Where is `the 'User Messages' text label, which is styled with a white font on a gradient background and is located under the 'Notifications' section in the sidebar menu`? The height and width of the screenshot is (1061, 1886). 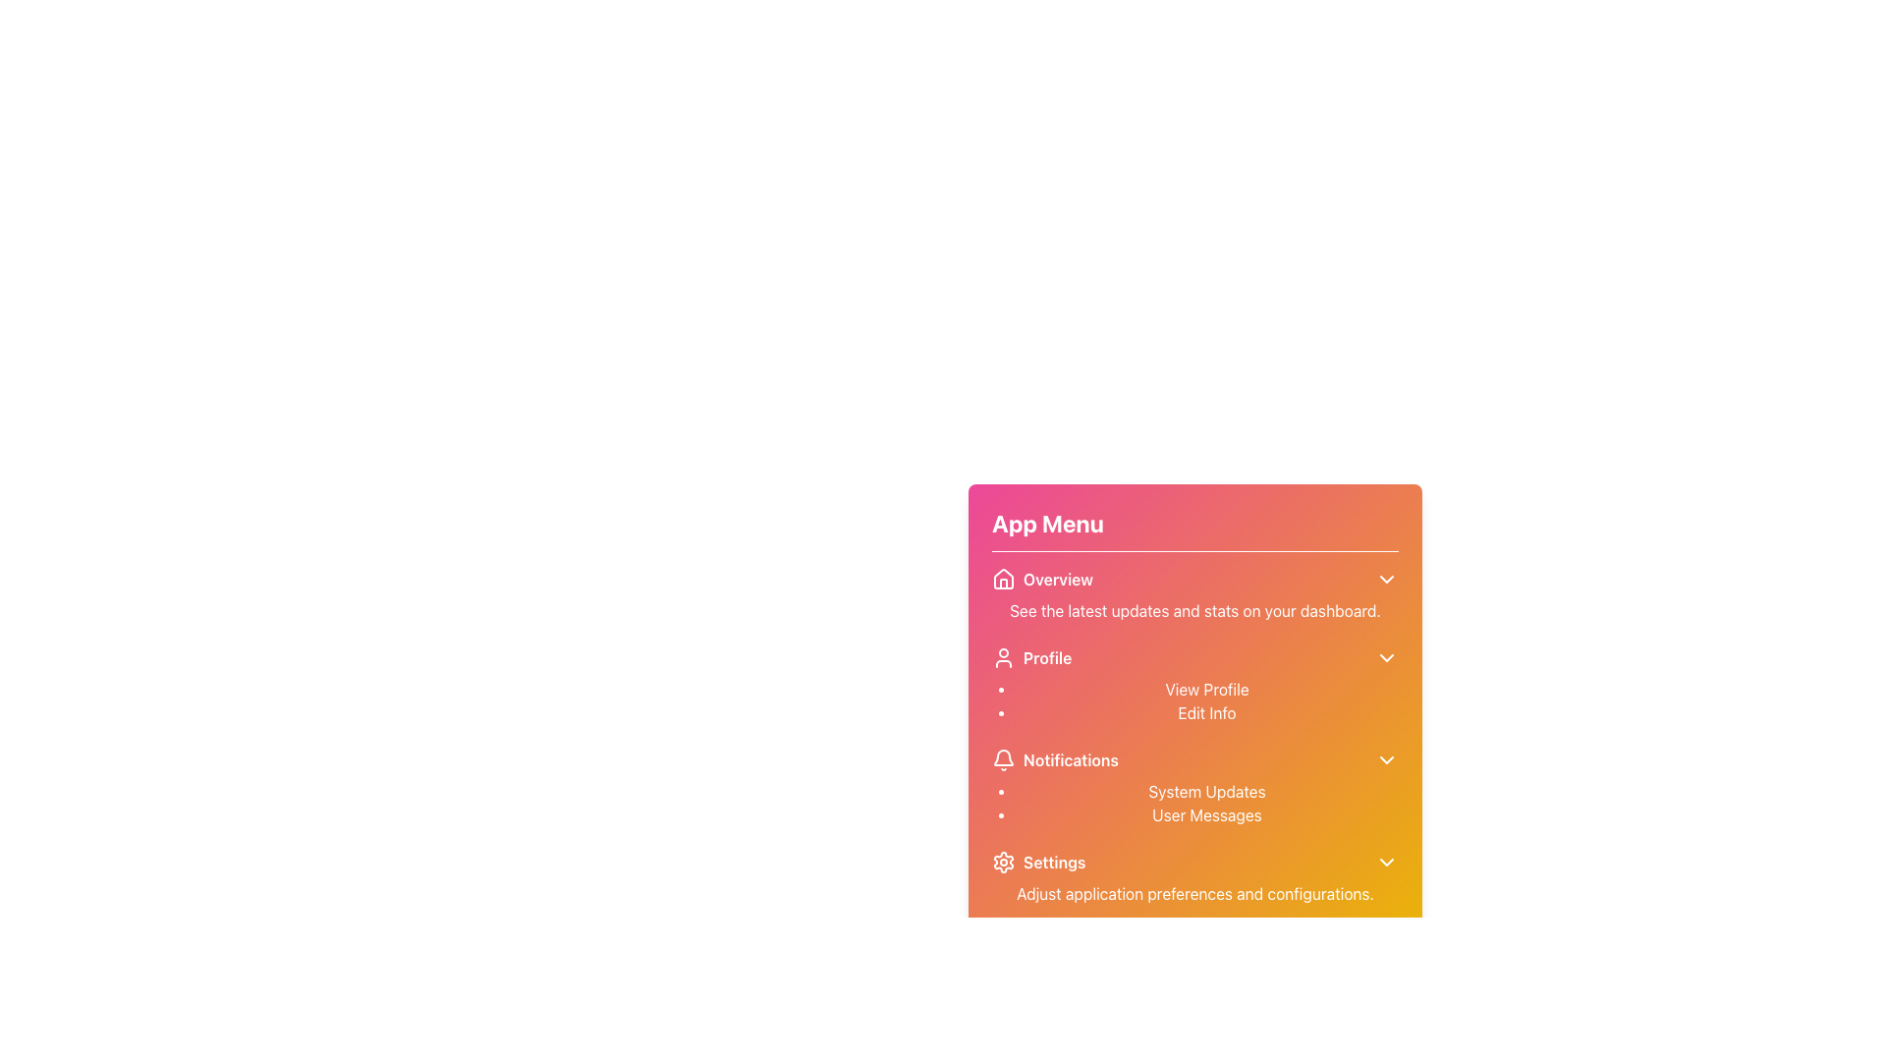
the 'User Messages' text label, which is styled with a white font on a gradient background and is located under the 'Notifications' section in the sidebar menu is located at coordinates (1205, 814).